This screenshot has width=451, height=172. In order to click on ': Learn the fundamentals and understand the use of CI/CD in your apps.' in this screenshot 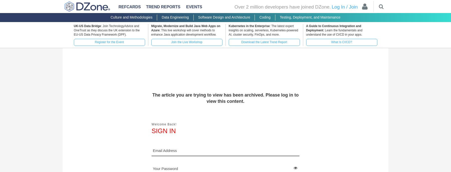, I will do `click(334, 32)`.